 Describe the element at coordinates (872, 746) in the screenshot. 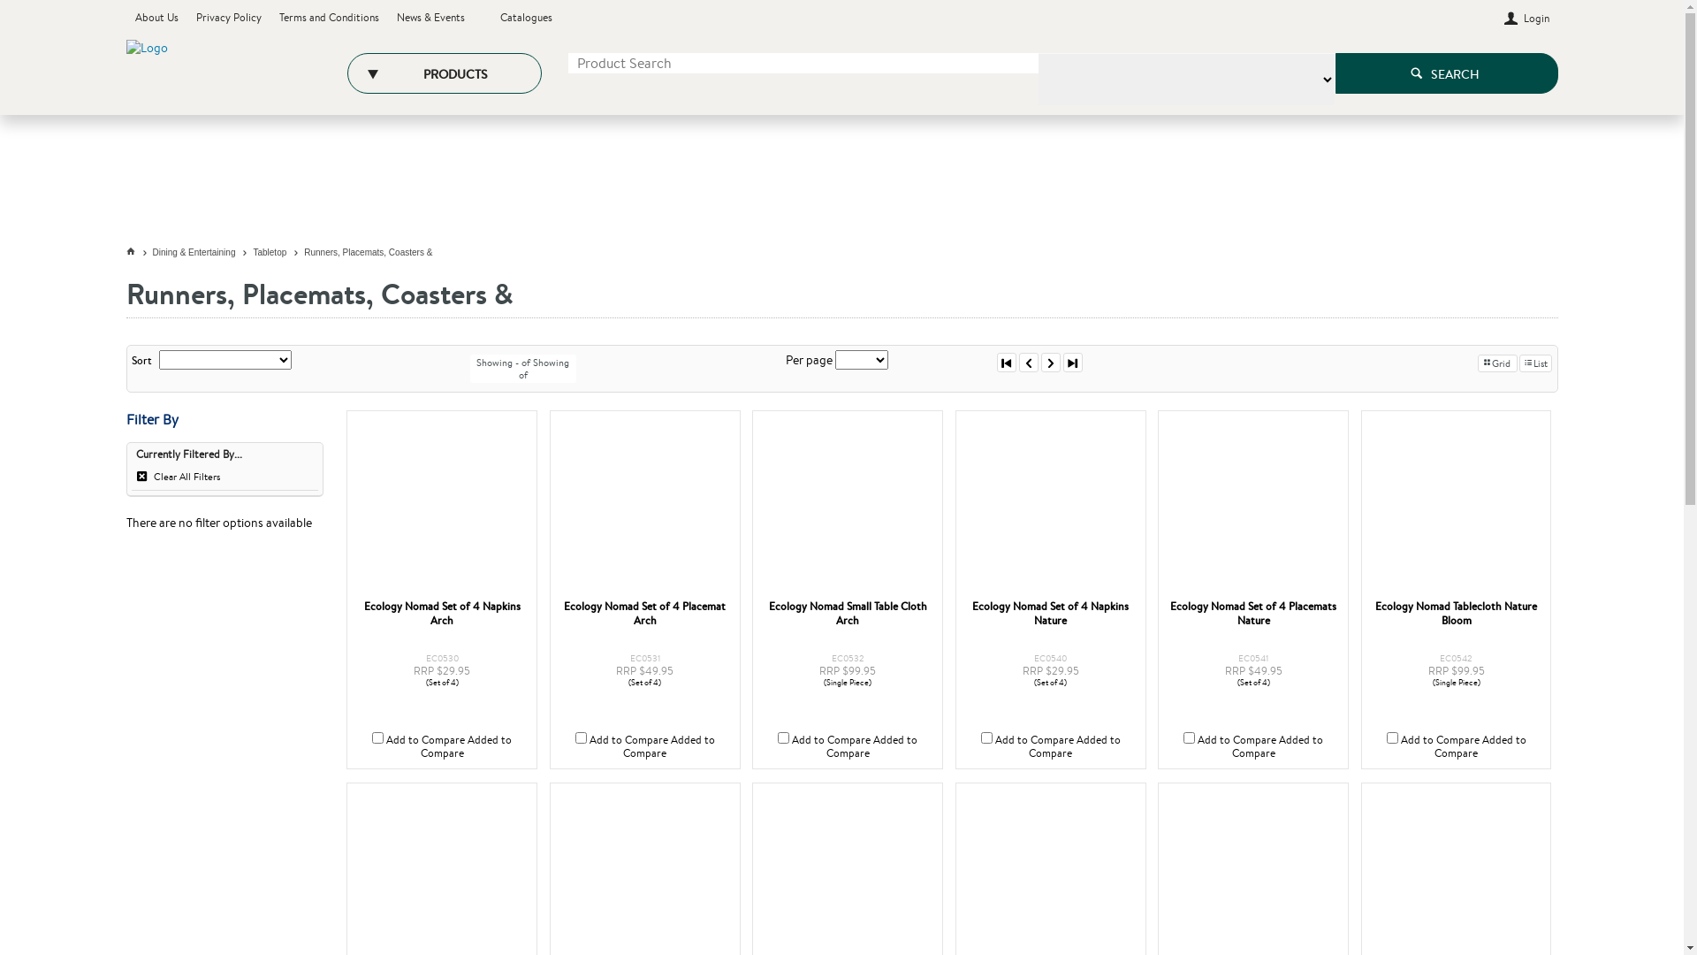

I see `'Added to Compare'` at that location.